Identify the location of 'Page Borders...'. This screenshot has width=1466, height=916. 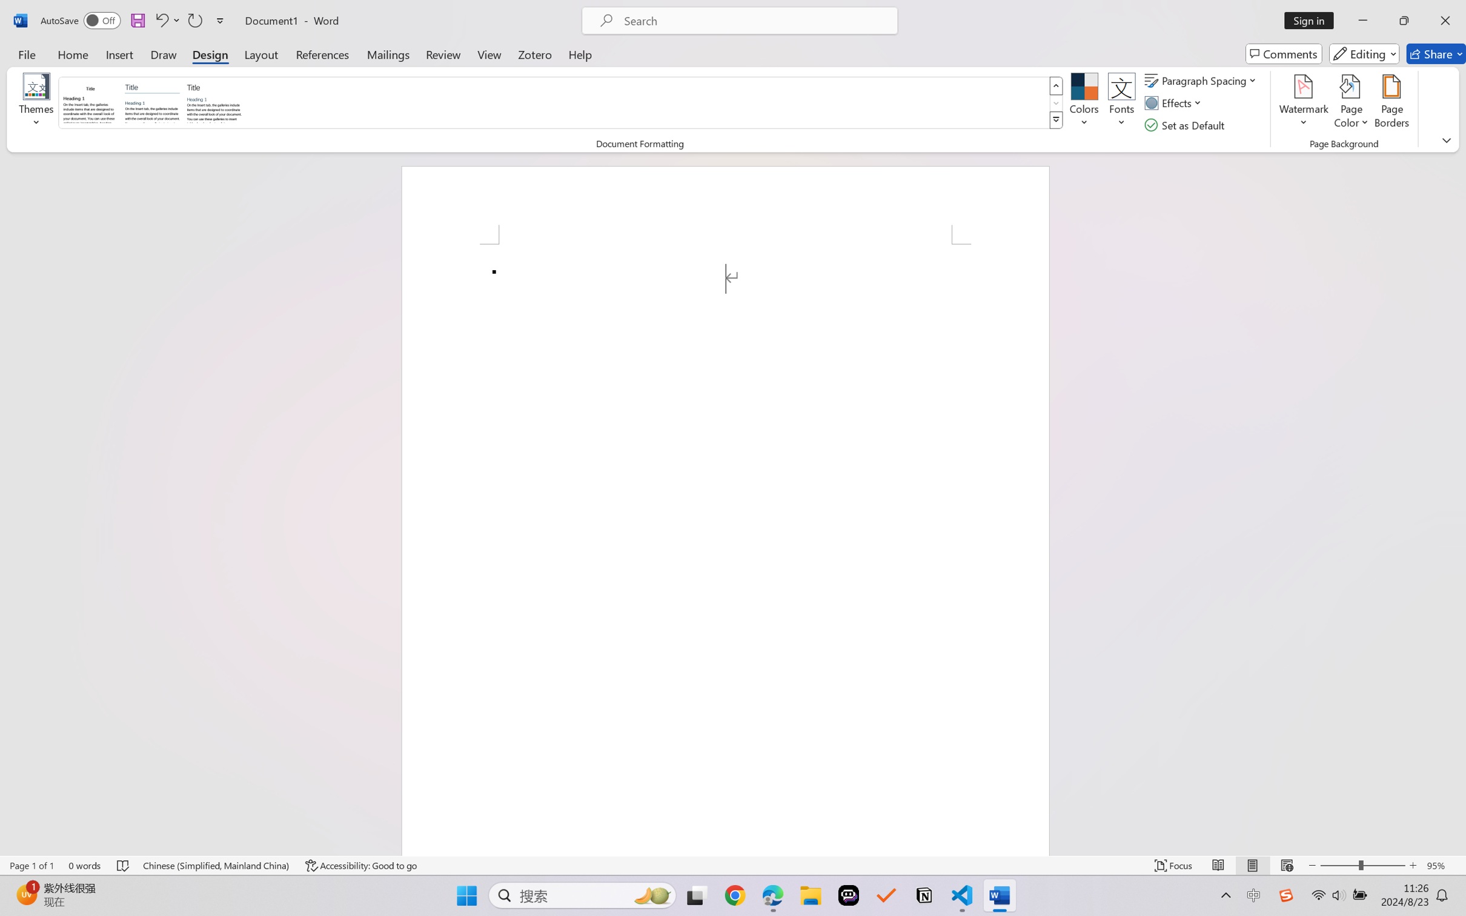
(1391, 103).